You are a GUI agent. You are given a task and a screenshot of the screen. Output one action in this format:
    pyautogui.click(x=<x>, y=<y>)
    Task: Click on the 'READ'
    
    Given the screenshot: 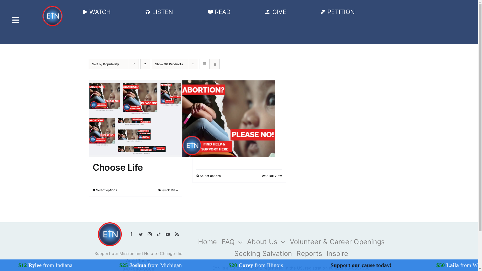 What is the action you would take?
    pyautogui.click(x=218, y=12)
    